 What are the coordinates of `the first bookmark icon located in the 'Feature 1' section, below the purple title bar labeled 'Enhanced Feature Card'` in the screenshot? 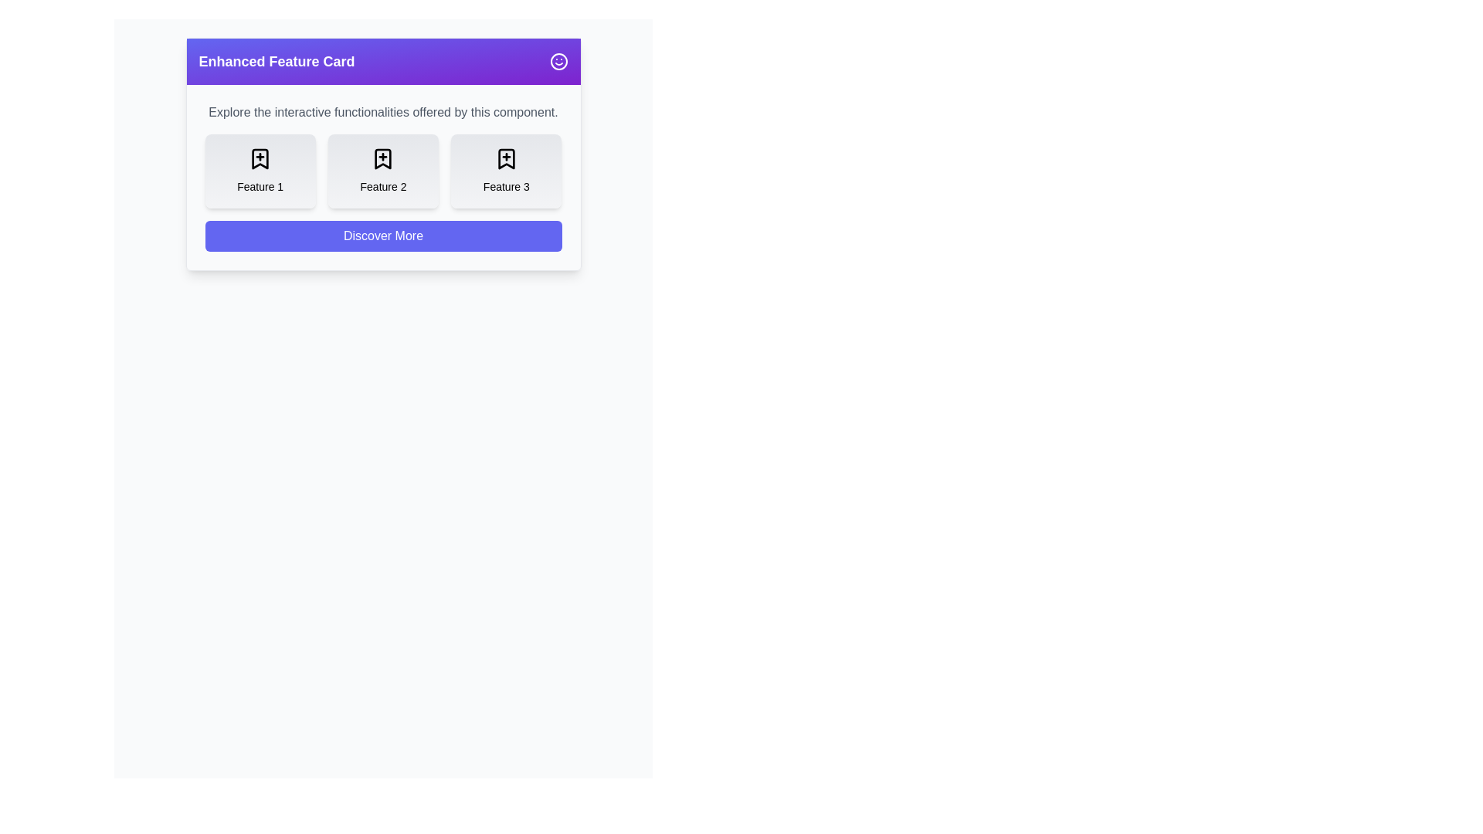 It's located at (260, 158).